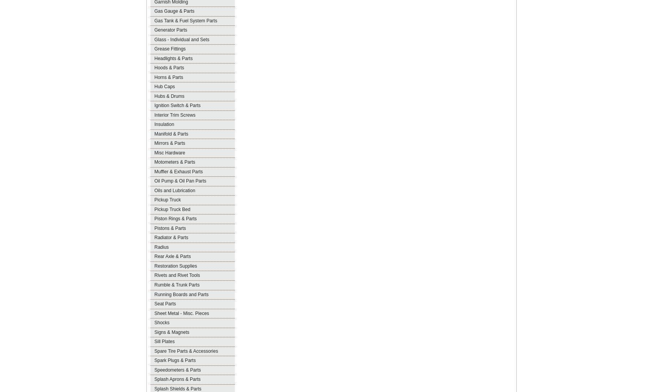  What do you see at coordinates (170, 30) in the screenshot?
I see `'Generator Parts'` at bounding box center [170, 30].